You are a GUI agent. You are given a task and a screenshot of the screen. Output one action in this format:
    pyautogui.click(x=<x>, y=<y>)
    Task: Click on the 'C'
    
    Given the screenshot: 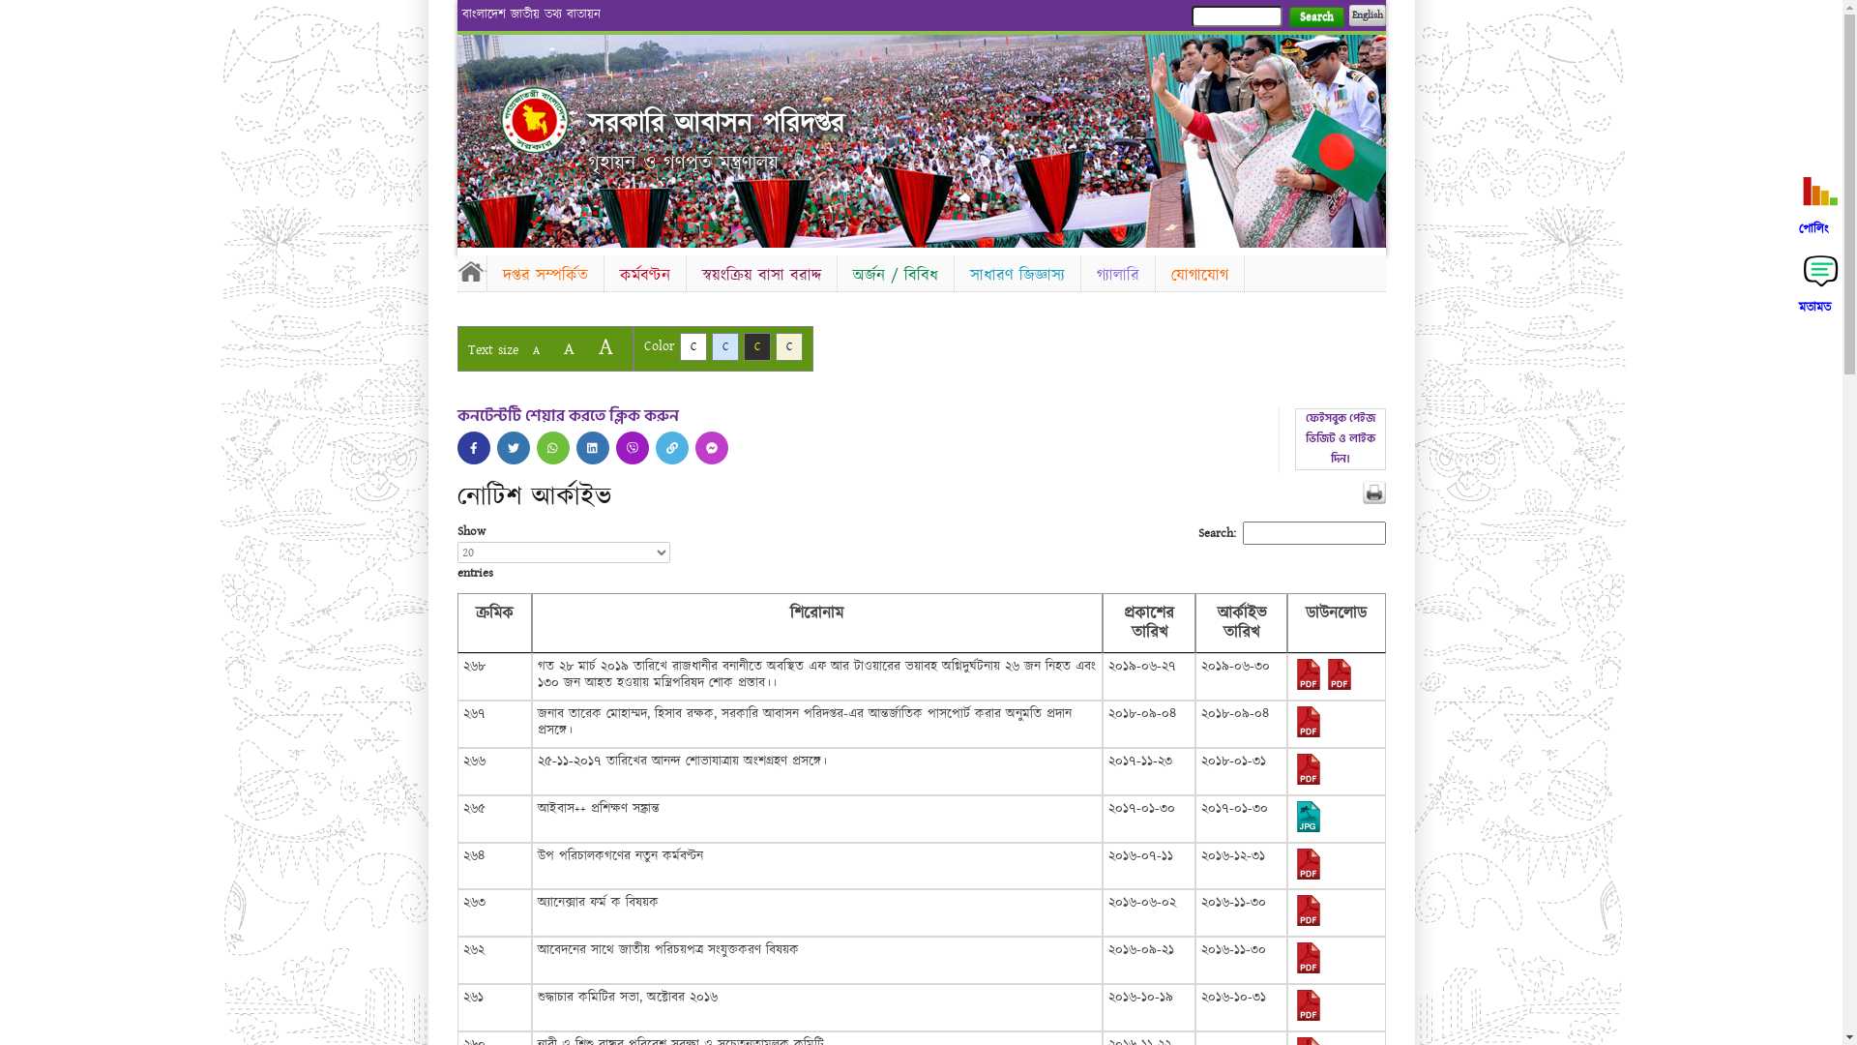 What is the action you would take?
    pyautogui.click(x=755, y=345)
    